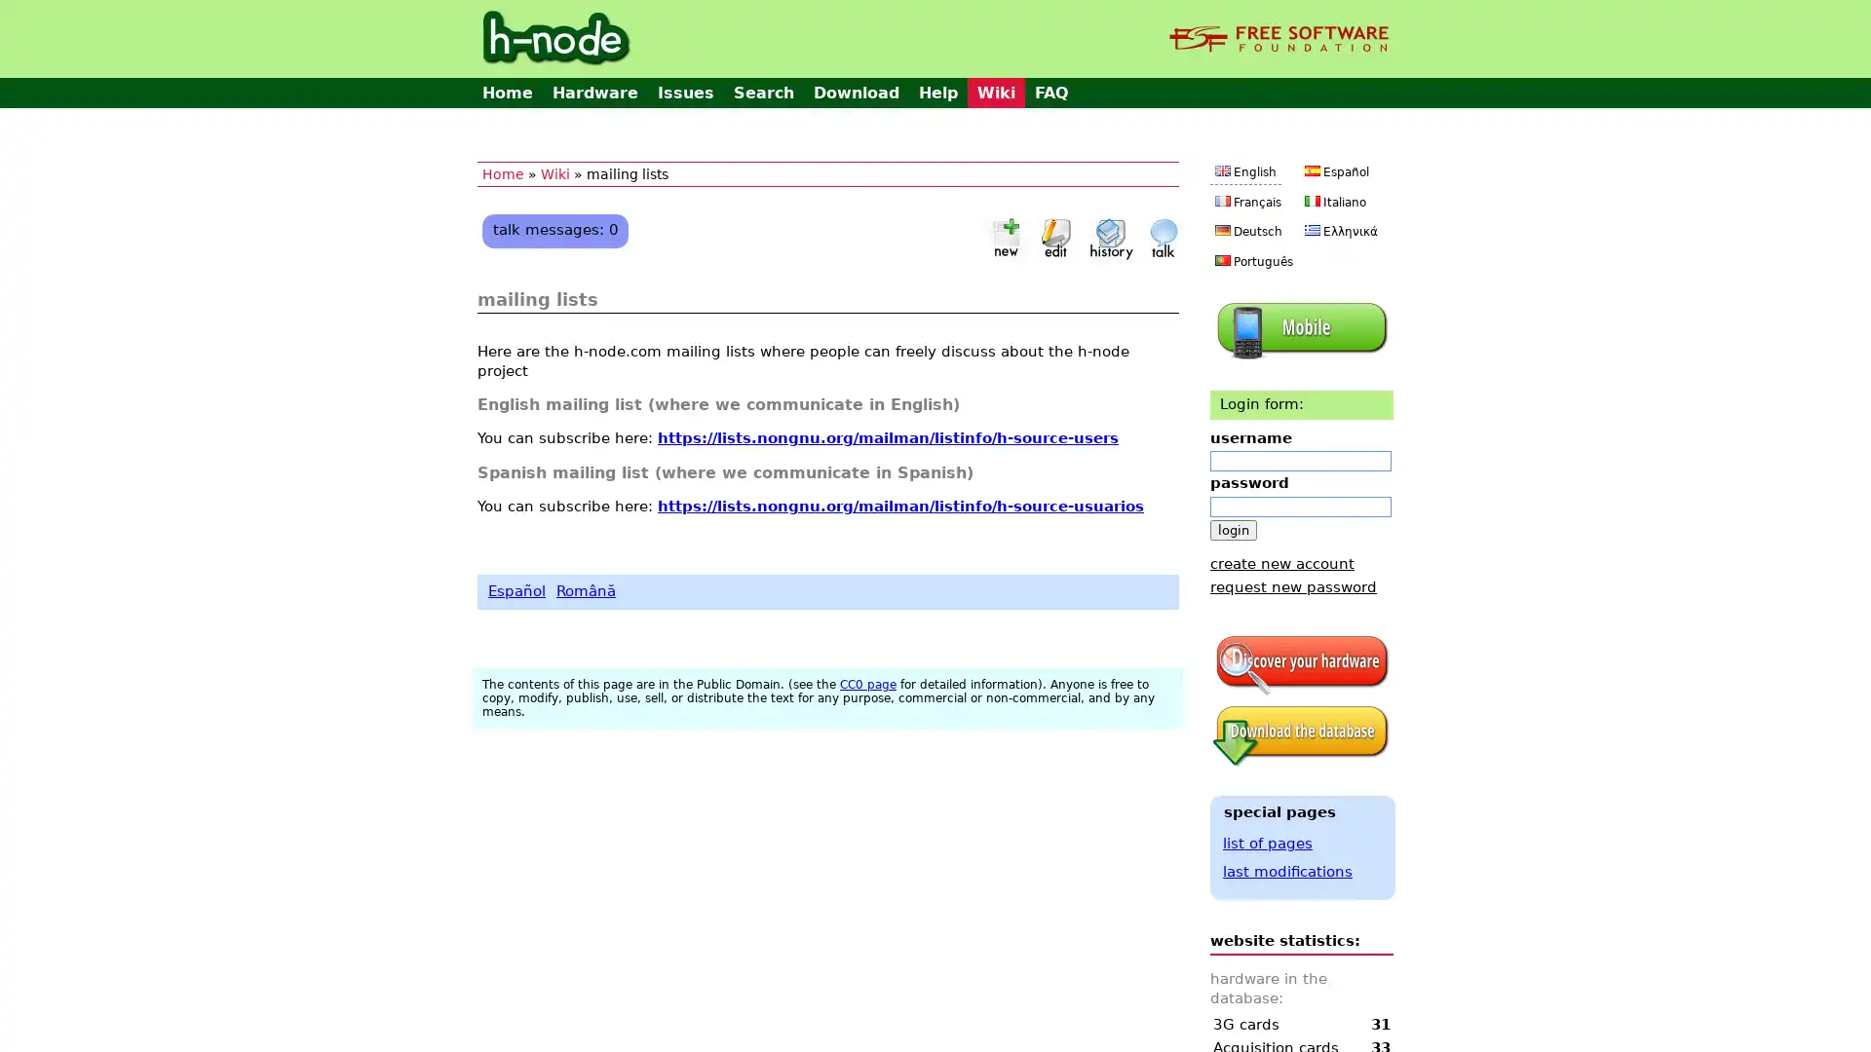 The image size is (1871, 1052). I want to click on login, so click(1233, 529).